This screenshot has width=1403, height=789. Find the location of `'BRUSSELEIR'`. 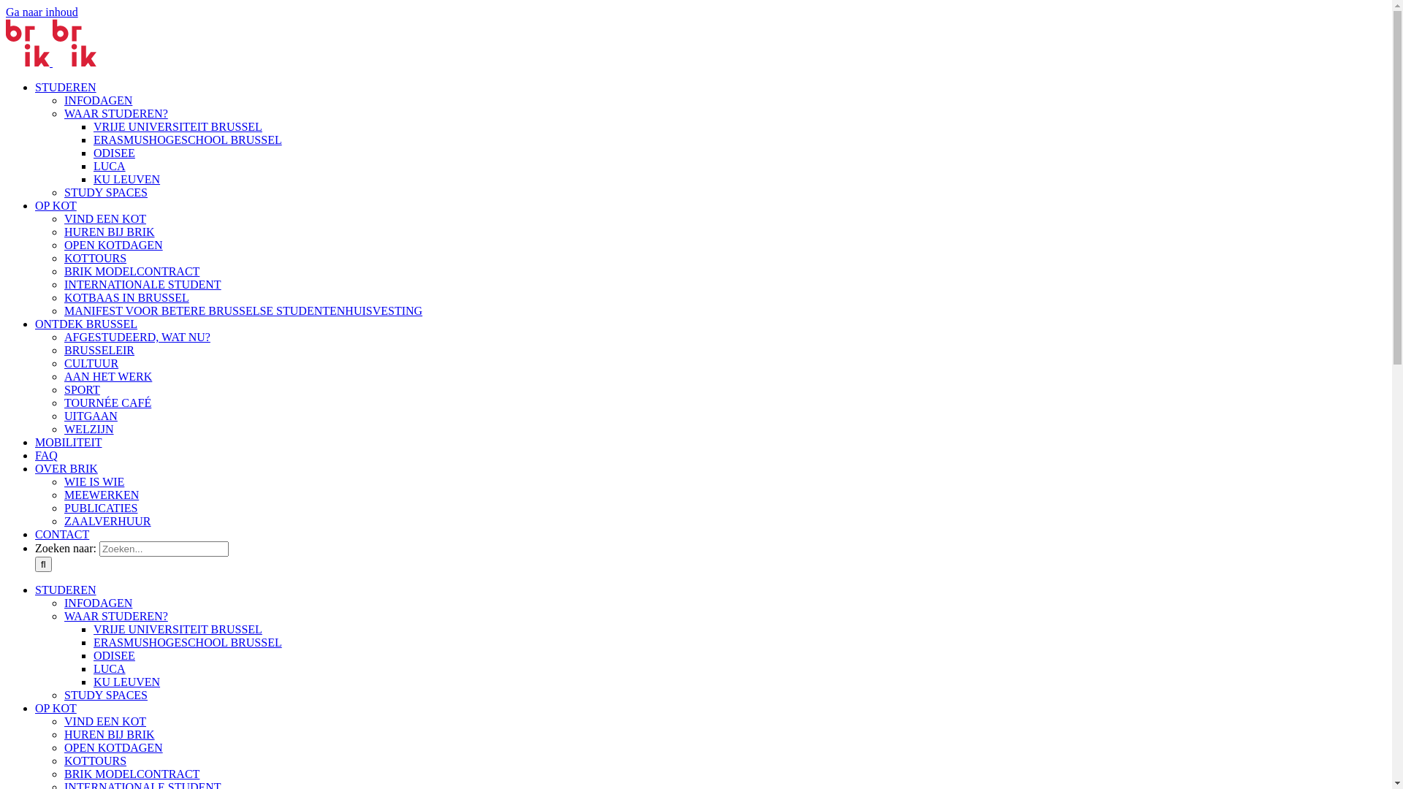

'BRUSSELEIR' is located at coordinates (98, 350).